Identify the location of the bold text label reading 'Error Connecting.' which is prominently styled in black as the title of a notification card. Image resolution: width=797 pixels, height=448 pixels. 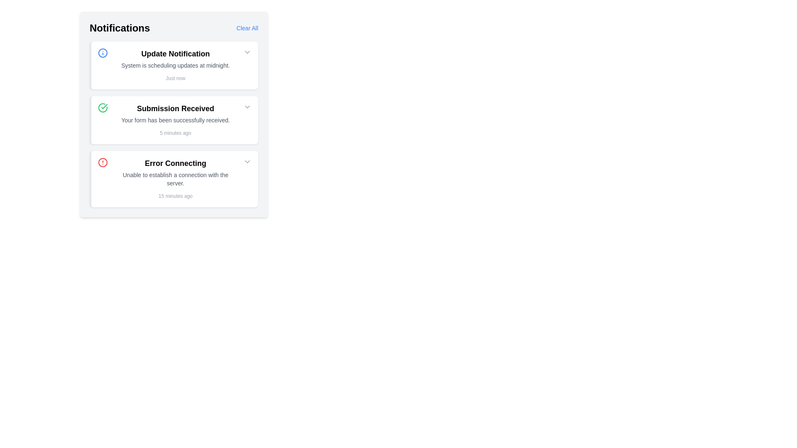
(175, 163).